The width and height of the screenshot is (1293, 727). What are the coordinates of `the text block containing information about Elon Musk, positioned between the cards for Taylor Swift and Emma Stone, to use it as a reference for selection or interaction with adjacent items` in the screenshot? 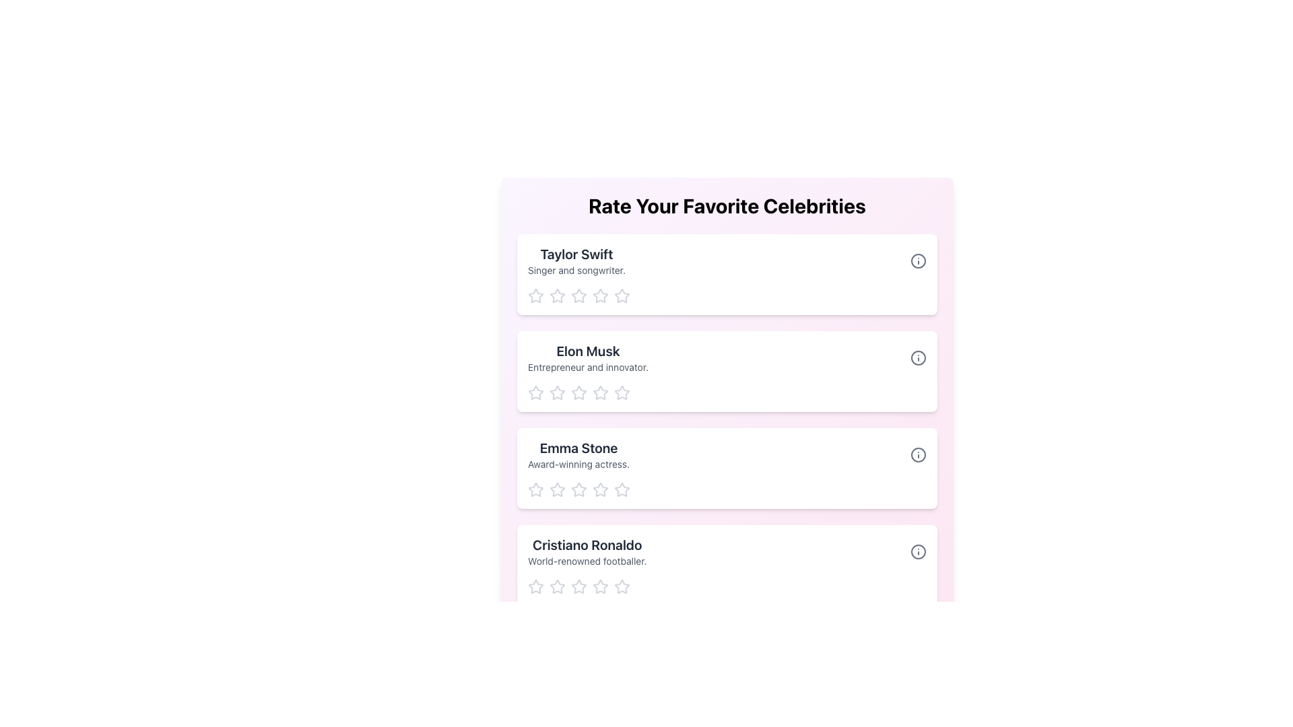 It's located at (588, 357).